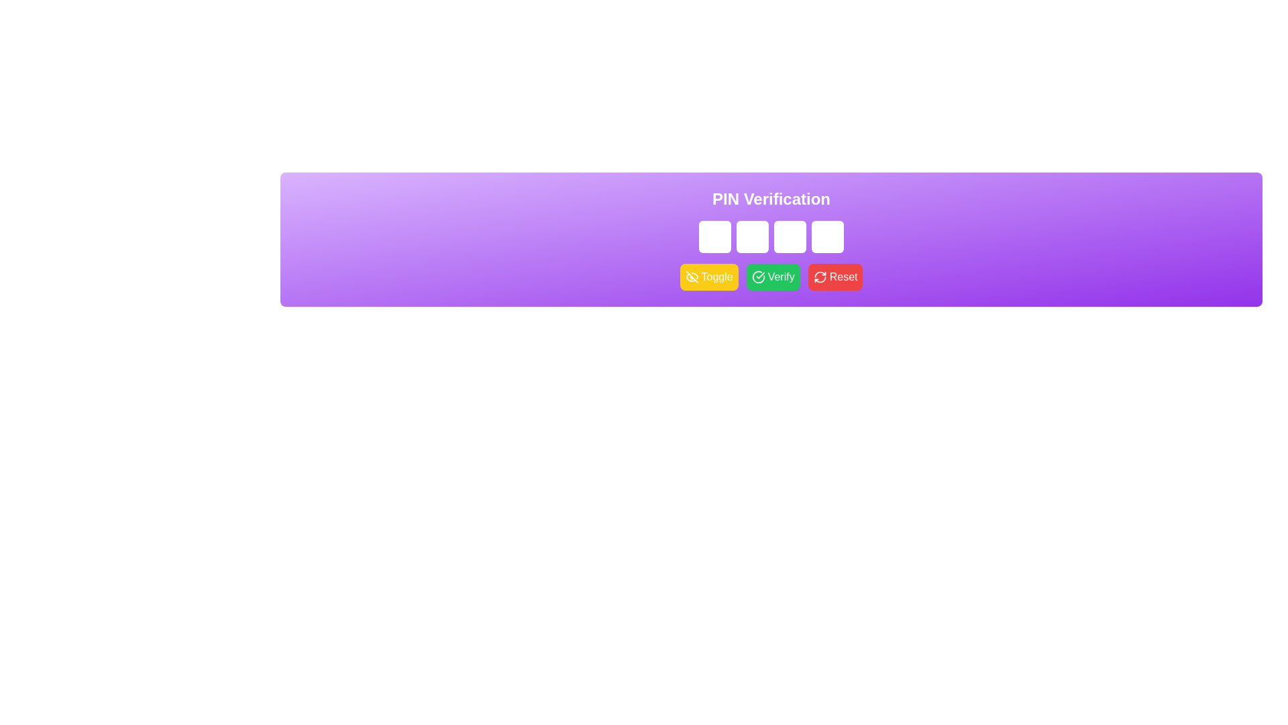  Describe the element at coordinates (773, 276) in the screenshot. I see `the second button in a horizontal group of three buttons below the PIN input field to change its color` at that location.